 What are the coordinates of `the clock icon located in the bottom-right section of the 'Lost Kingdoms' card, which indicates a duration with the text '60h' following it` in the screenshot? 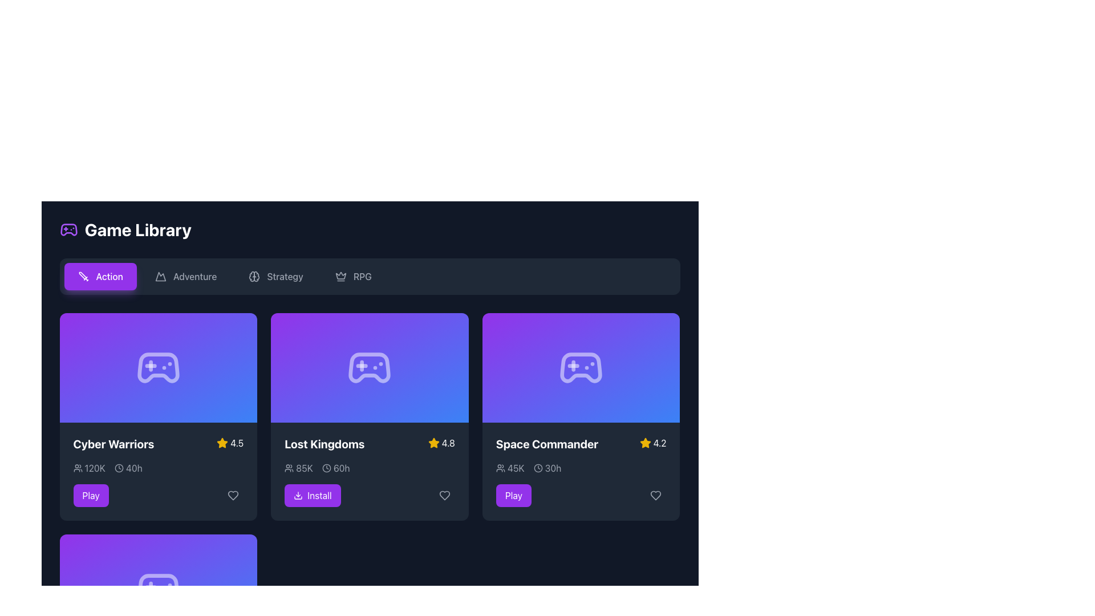 It's located at (326, 468).